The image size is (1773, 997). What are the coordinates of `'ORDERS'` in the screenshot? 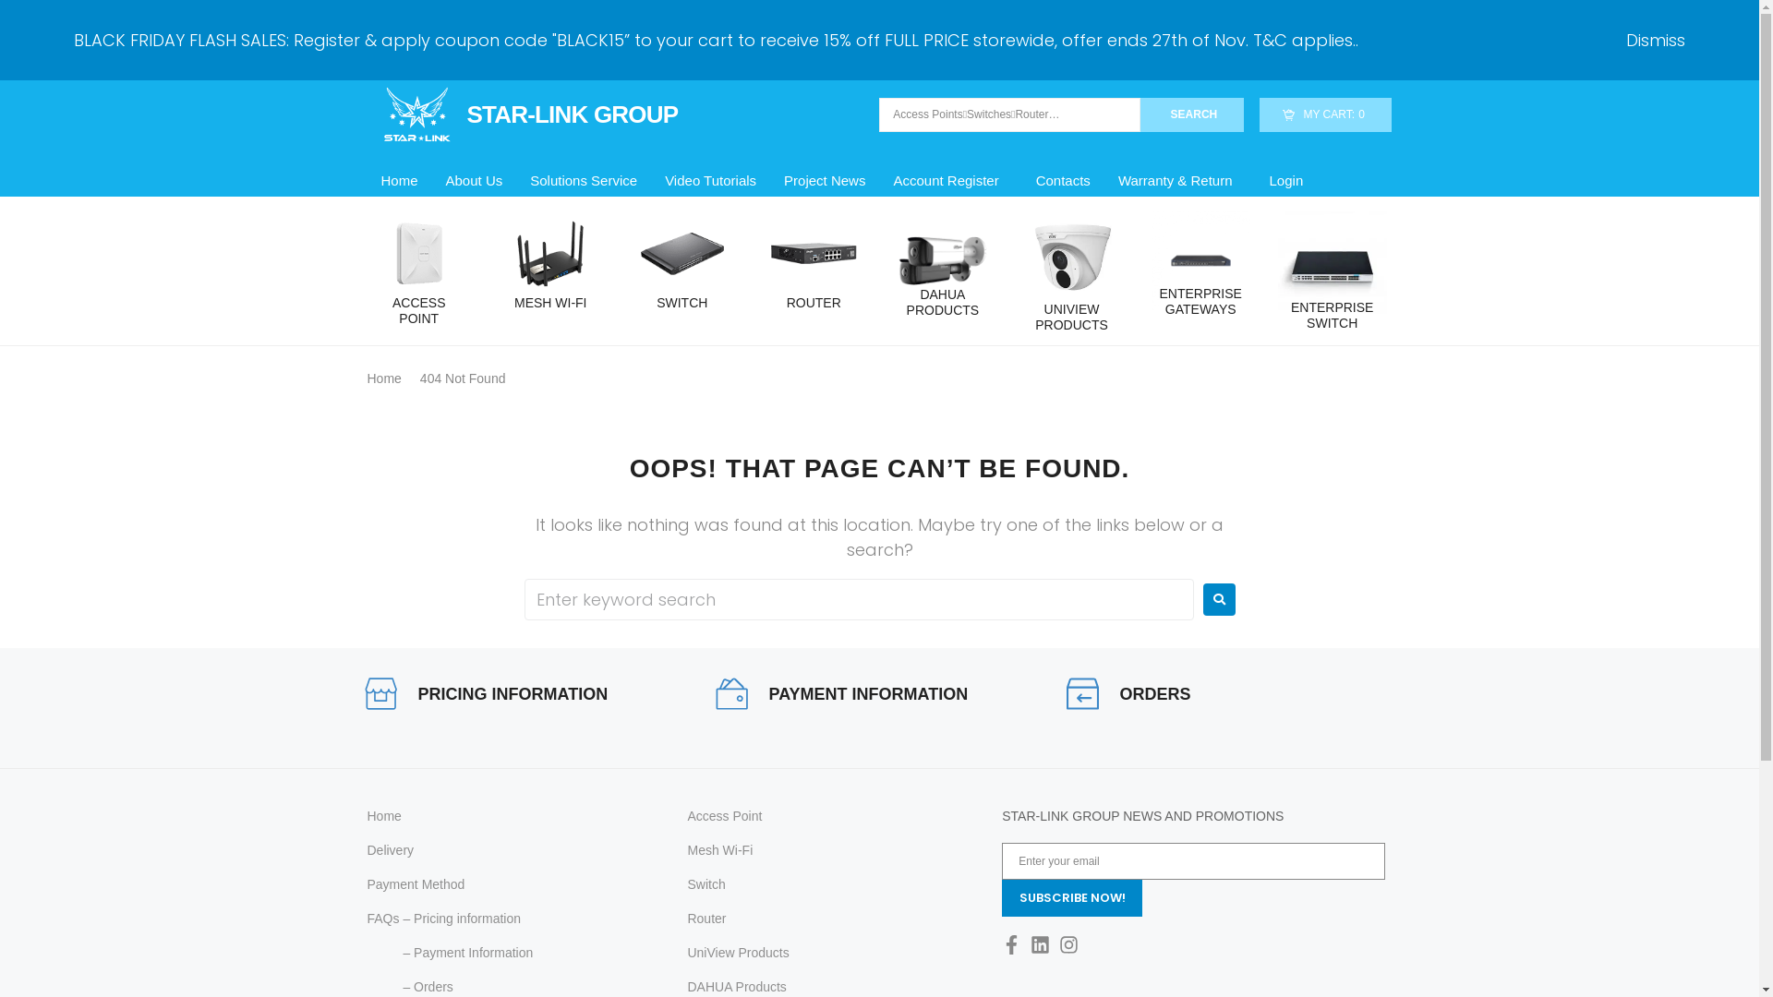 It's located at (1153, 694).